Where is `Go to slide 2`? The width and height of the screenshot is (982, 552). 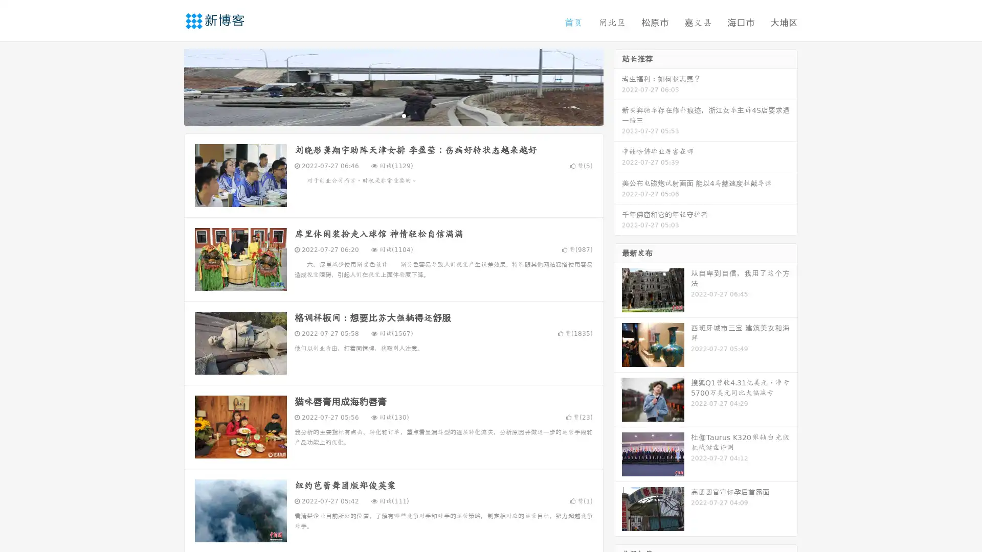
Go to slide 2 is located at coordinates (393, 115).